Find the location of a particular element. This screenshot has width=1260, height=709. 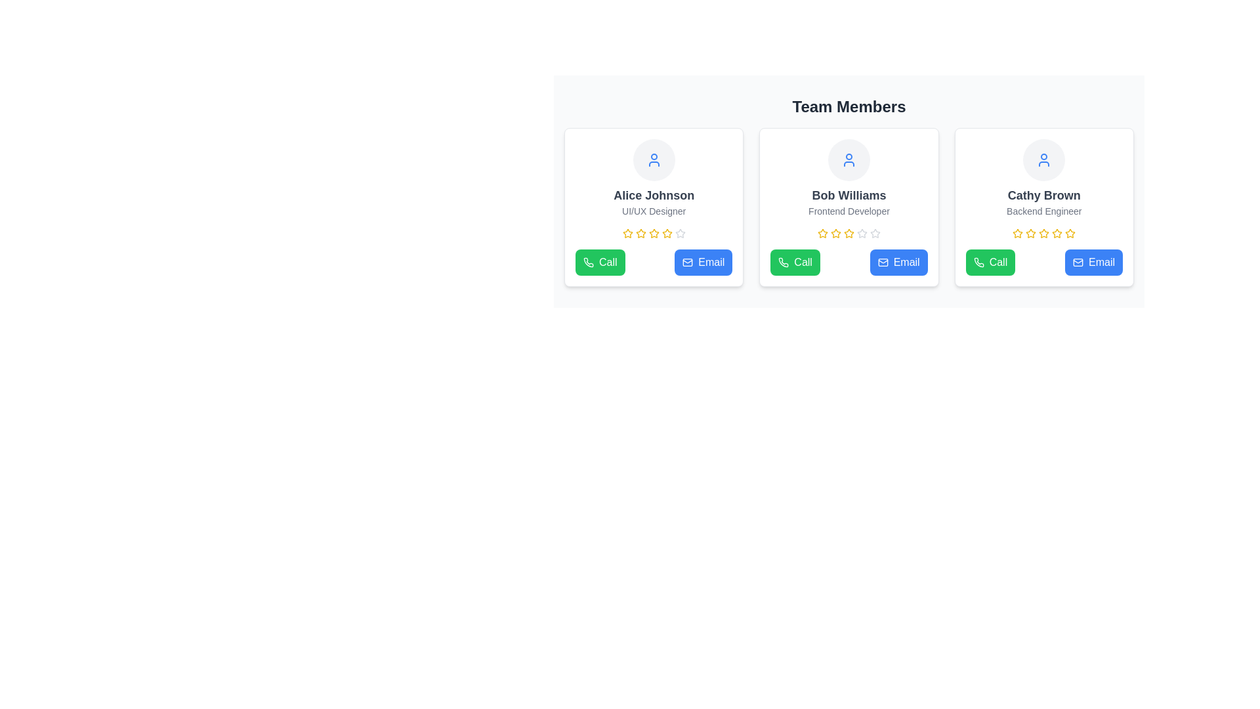

the Text Label displaying 'UI/UX Designer' located below 'Alice Johnson' in the card layout is located at coordinates (654, 210).